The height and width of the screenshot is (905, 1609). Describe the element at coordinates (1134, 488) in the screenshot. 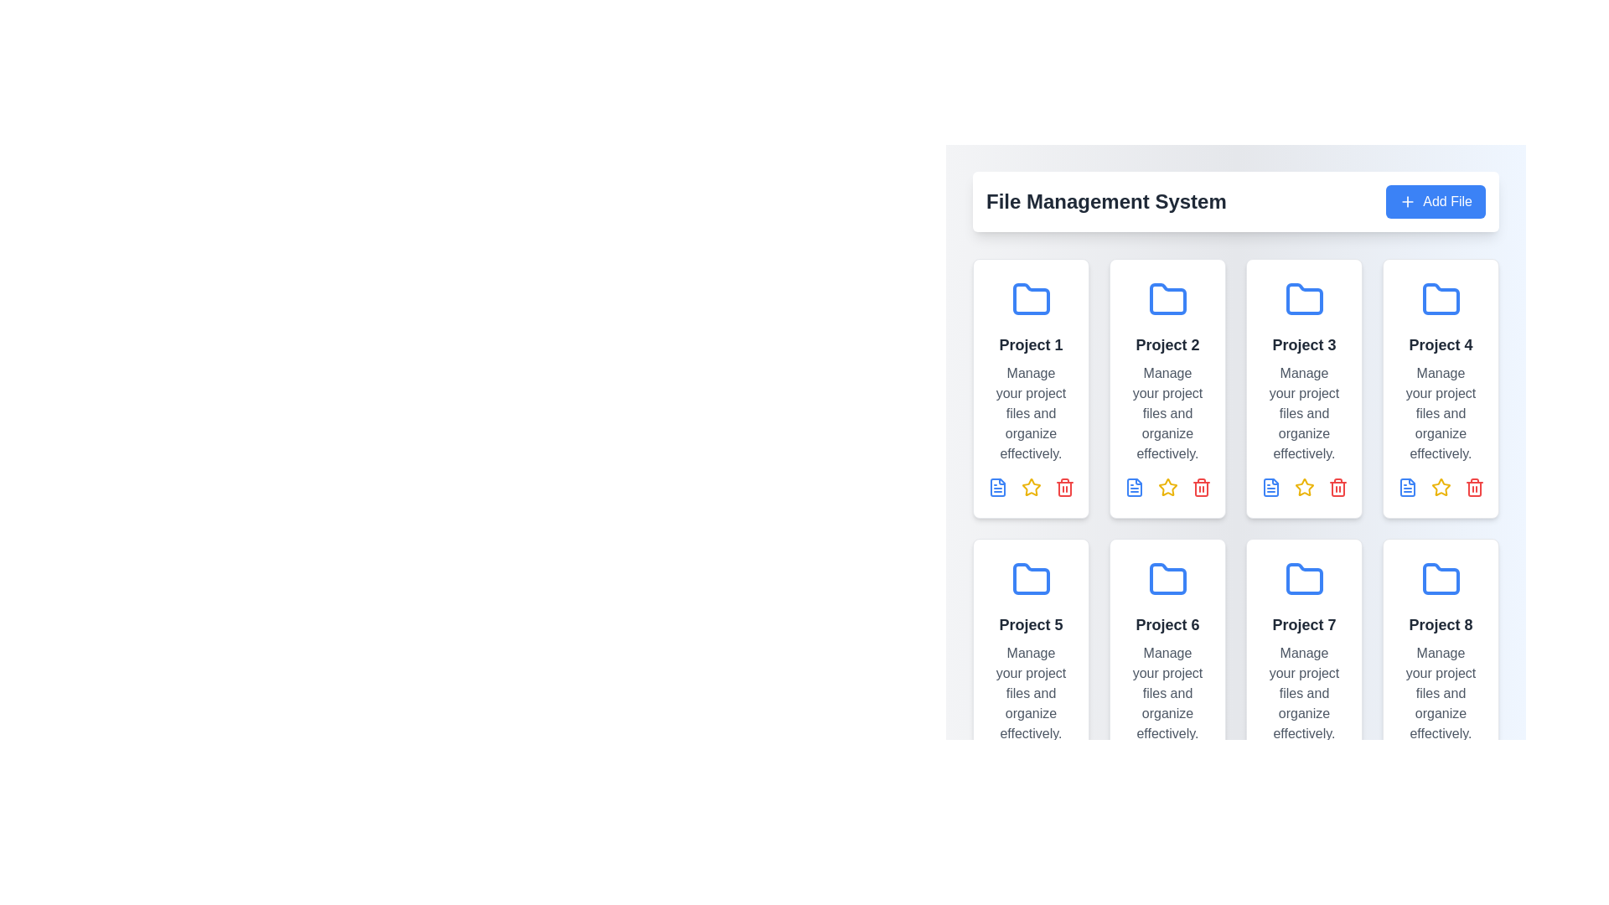

I see `the blue document icon located beneath the Project 2 card, which is the first among three action icons in the grid layout` at that location.